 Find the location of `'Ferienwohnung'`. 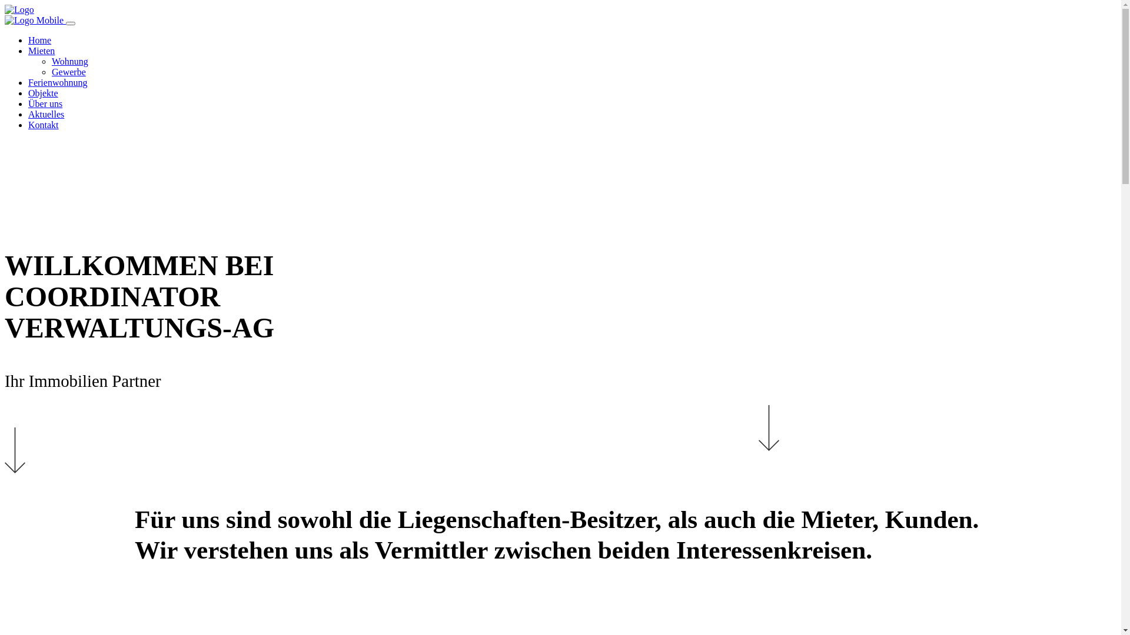

'Ferienwohnung' is located at coordinates (56, 82).